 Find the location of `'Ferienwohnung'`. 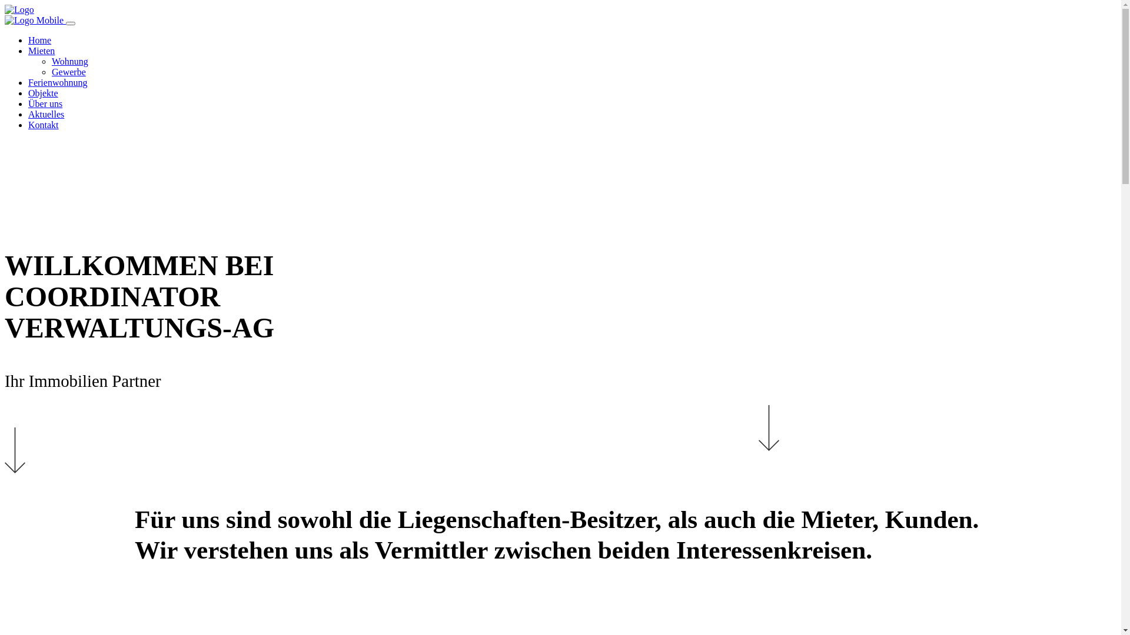

'Ferienwohnung' is located at coordinates (56, 82).